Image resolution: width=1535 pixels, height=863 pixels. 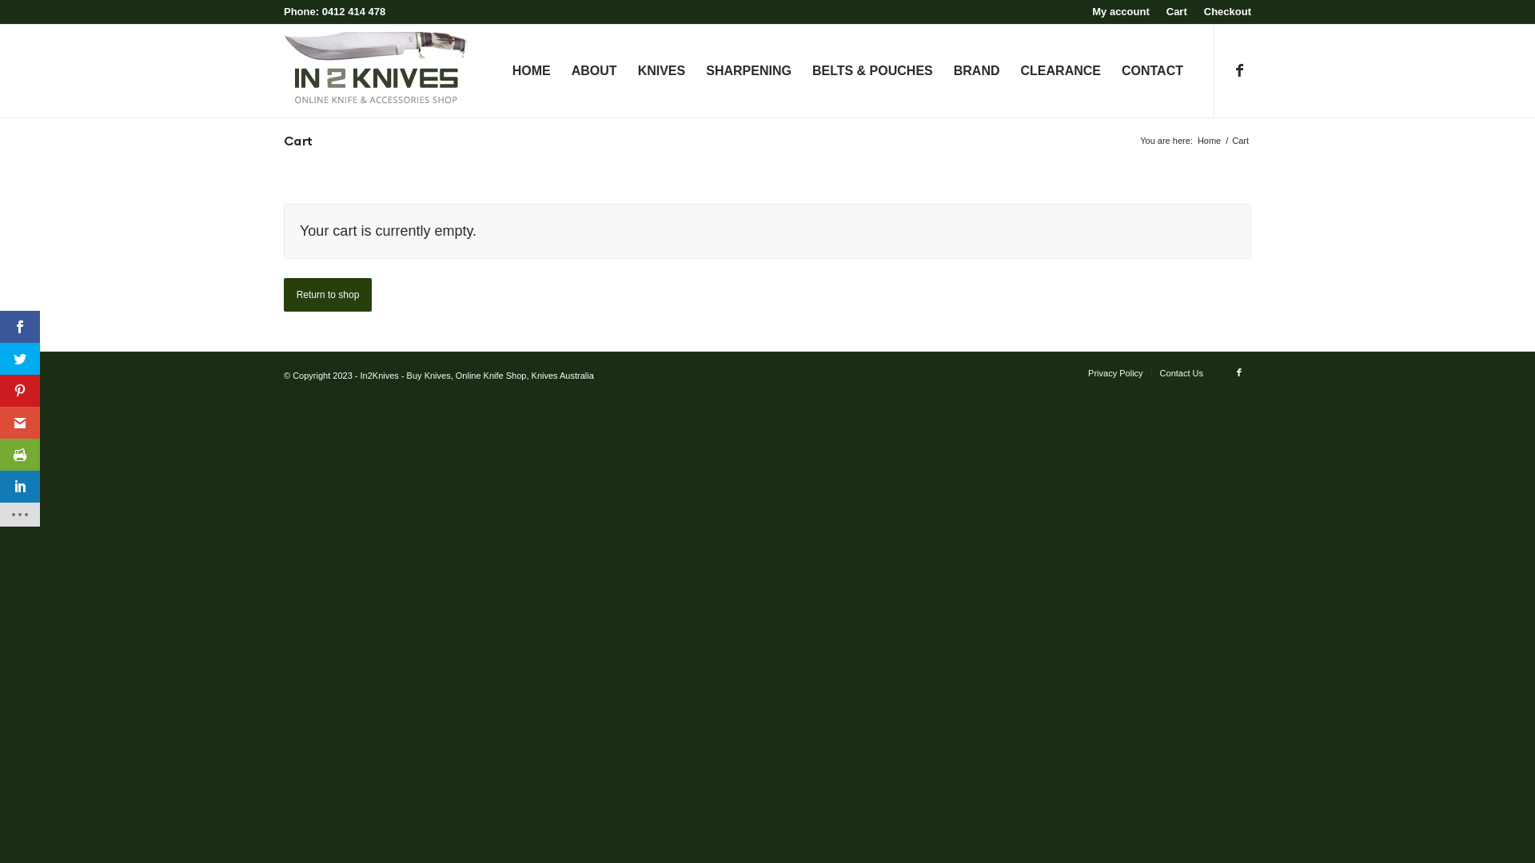 What do you see at coordinates (748, 70) in the screenshot?
I see `'SHARPENING'` at bounding box center [748, 70].